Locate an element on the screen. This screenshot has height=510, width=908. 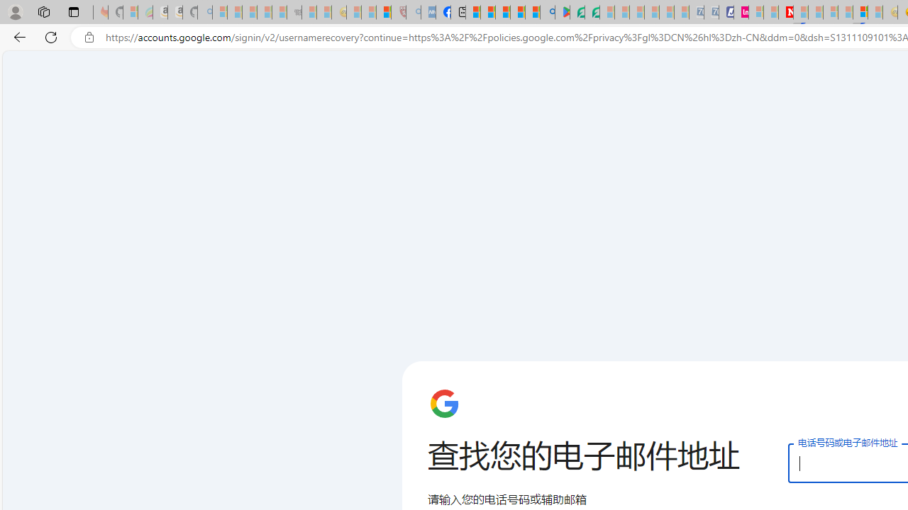
'Local - MSN' is located at coordinates (384, 12).